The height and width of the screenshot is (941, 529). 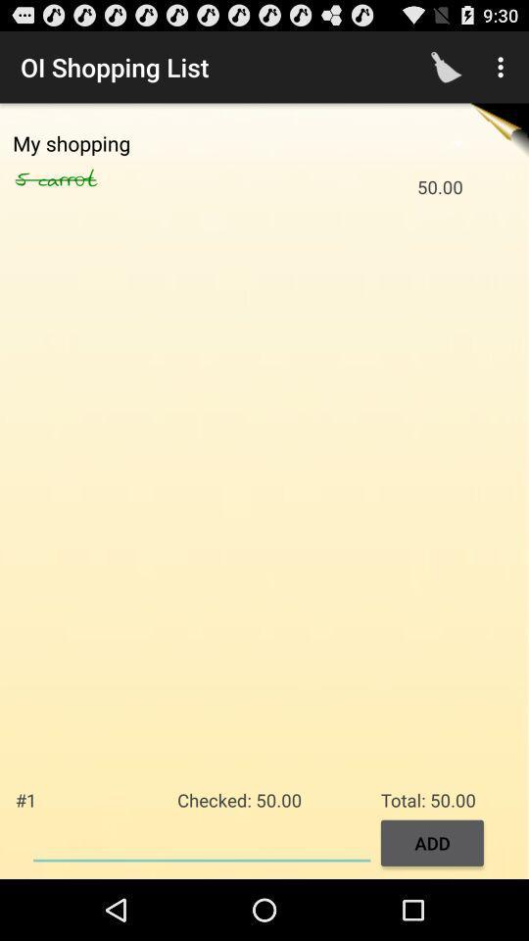 What do you see at coordinates (25, 179) in the screenshot?
I see `the 5  app` at bounding box center [25, 179].